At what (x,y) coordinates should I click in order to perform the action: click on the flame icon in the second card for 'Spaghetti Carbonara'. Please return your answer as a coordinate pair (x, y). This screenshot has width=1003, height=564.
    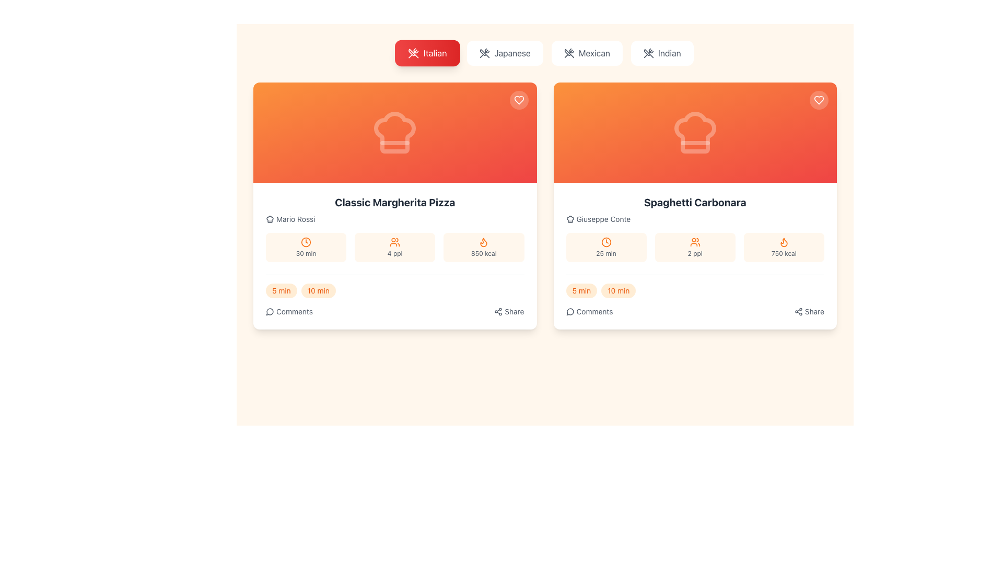
    Looking at the image, I should click on (784, 242).